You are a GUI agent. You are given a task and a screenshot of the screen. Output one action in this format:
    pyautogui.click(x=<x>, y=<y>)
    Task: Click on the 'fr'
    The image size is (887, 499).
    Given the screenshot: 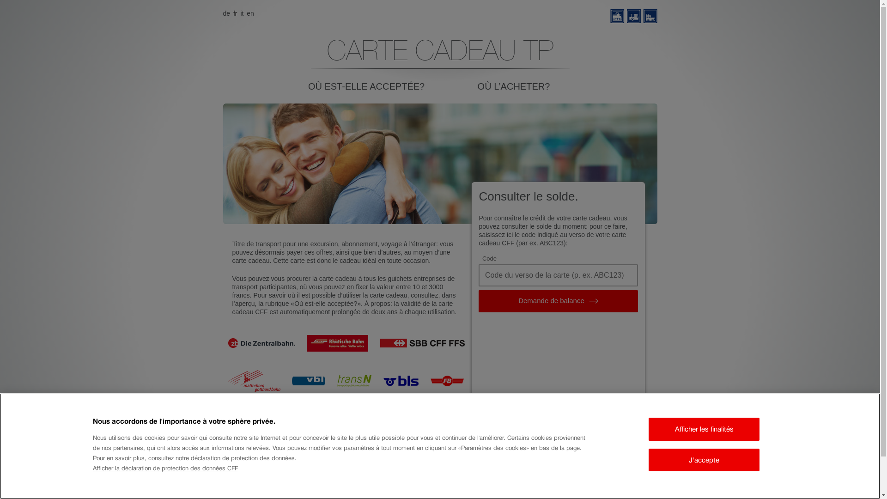 What is the action you would take?
    pyautogui.click(x=236, y=13)
    